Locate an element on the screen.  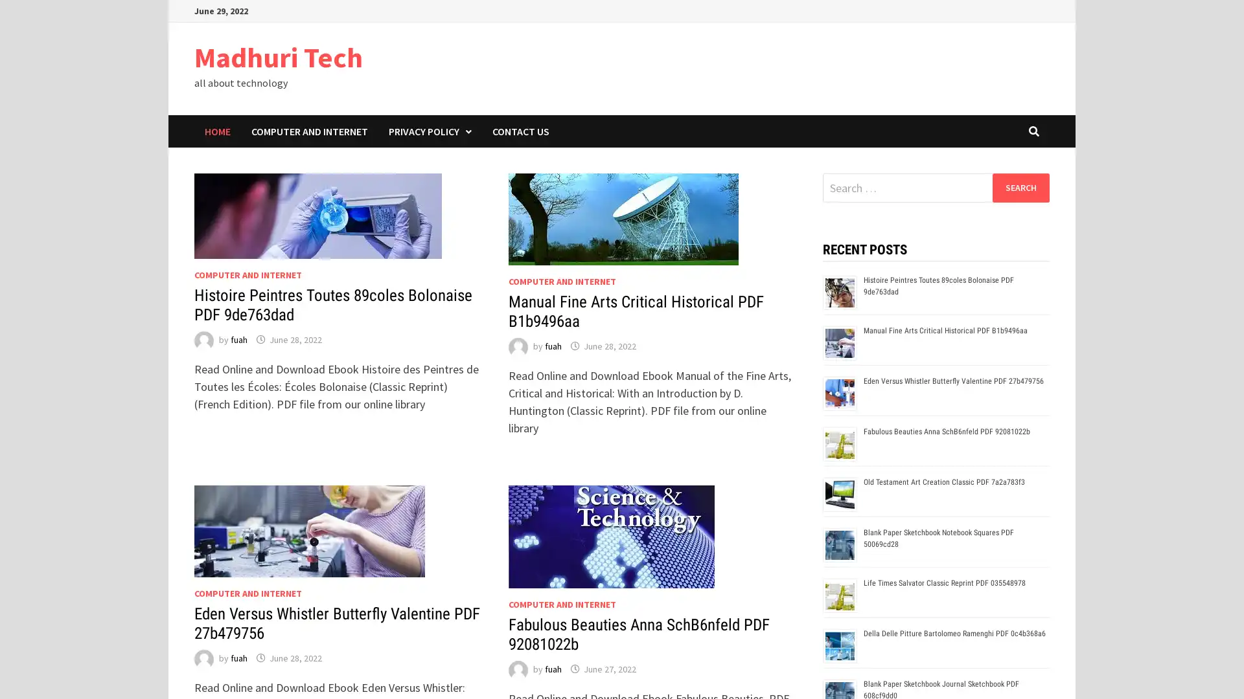
Search is located at coordinates (1020, 187).